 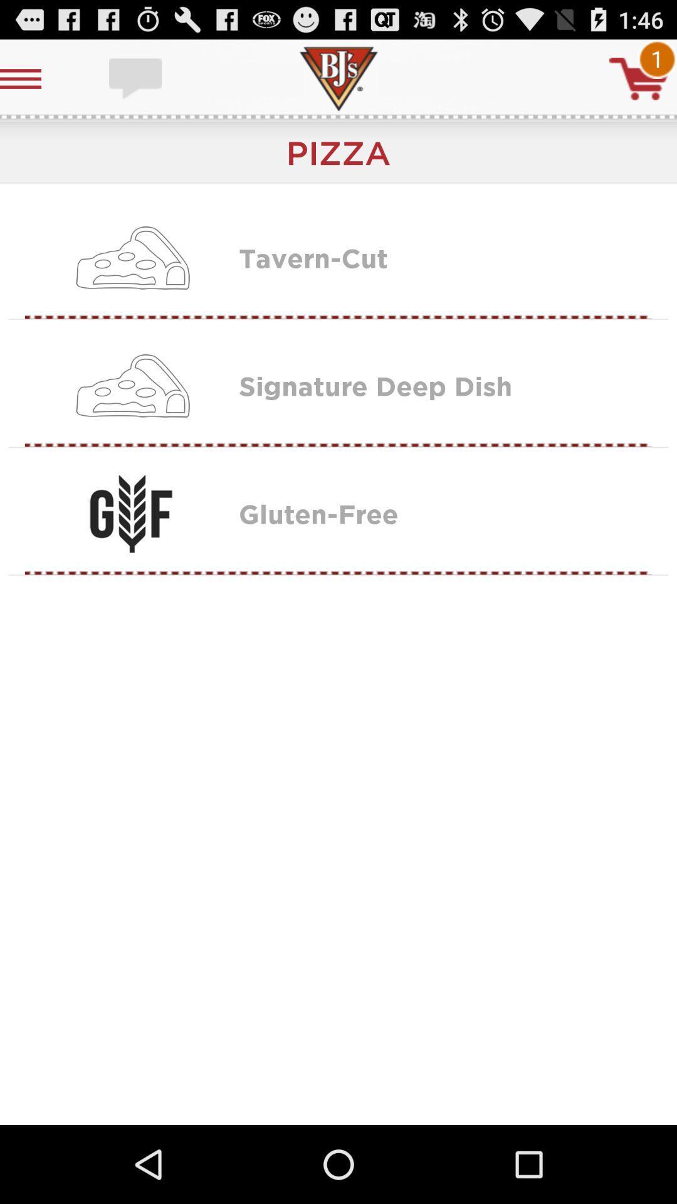 I want to click on cart, so click(x=639, y=78).